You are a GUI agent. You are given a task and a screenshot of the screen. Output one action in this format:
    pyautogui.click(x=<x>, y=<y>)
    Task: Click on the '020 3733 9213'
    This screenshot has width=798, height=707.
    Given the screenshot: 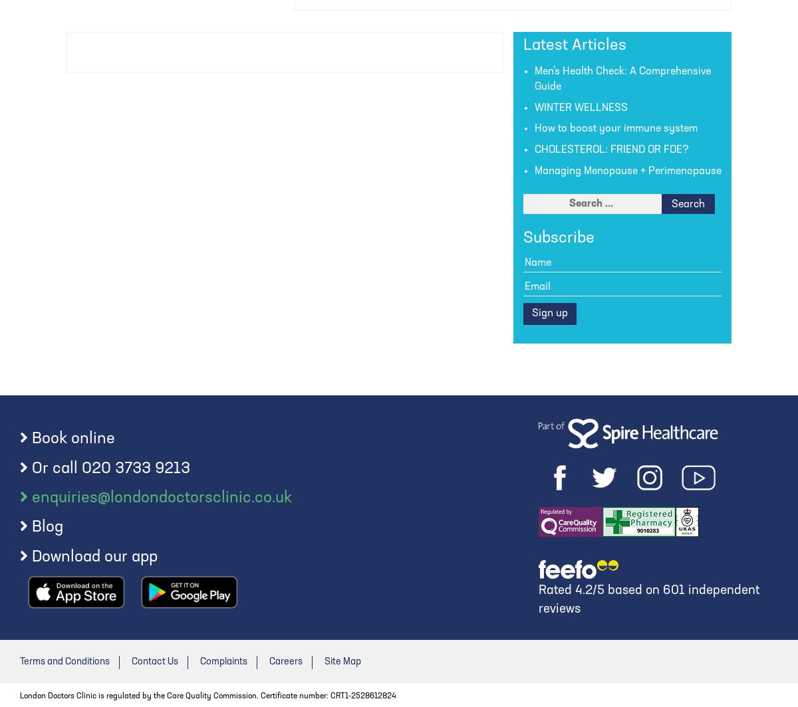 What is the action you would take?
    pyautogui.click(x=135, y=468)
    